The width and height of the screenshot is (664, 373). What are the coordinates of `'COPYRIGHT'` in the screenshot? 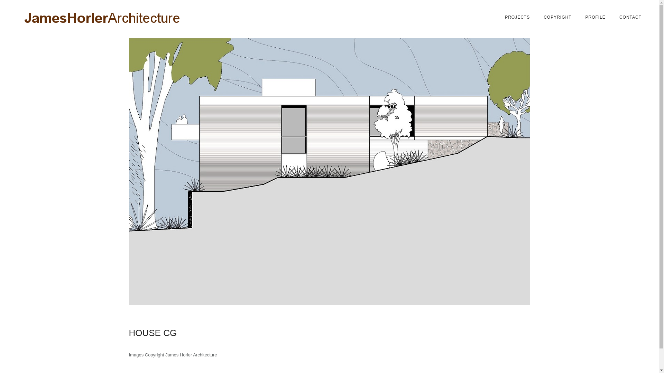 It's located at (557, 17).